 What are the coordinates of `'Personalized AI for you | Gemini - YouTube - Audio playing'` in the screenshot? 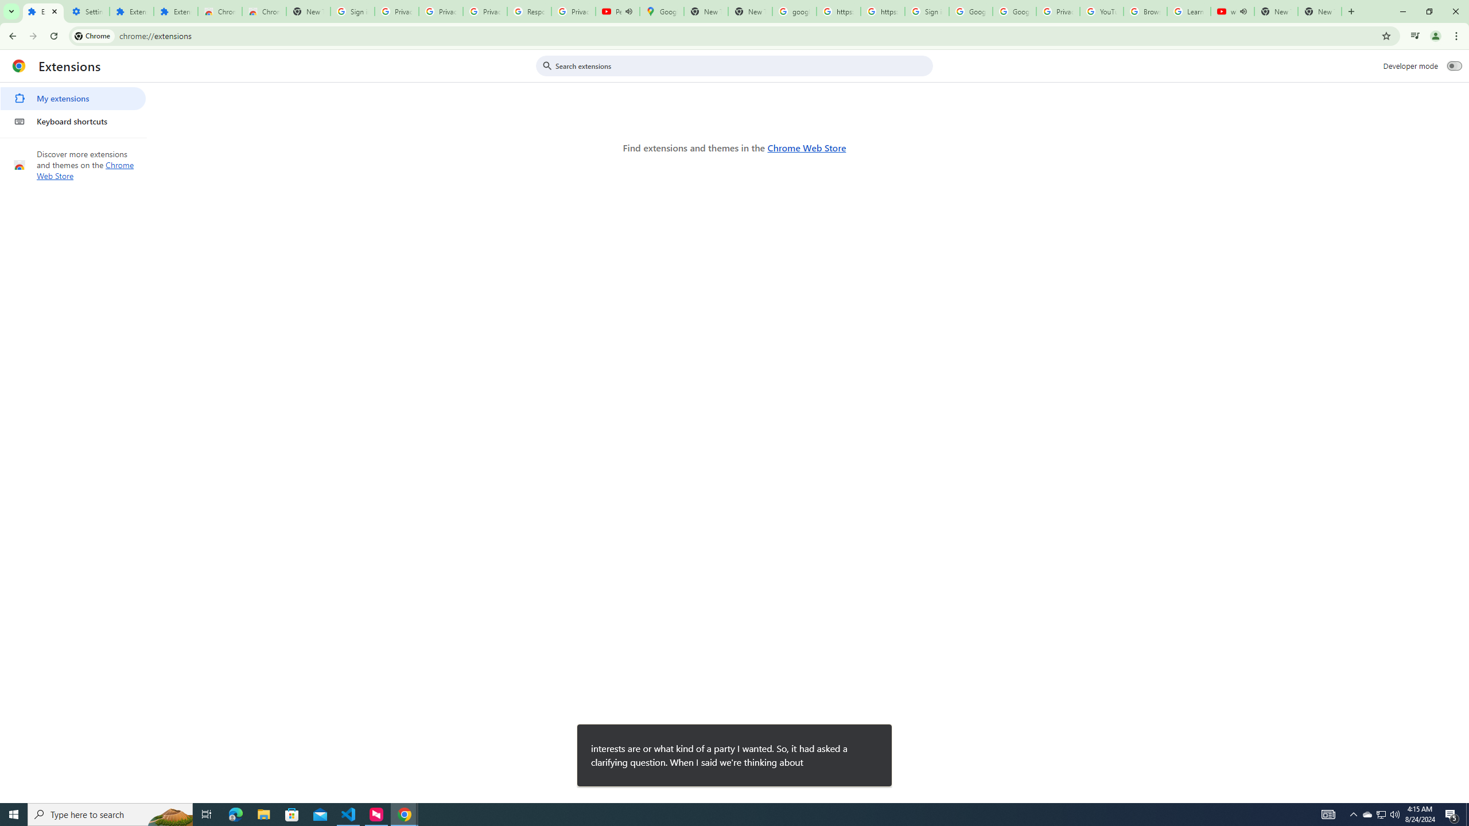 It's located at (617, 11).